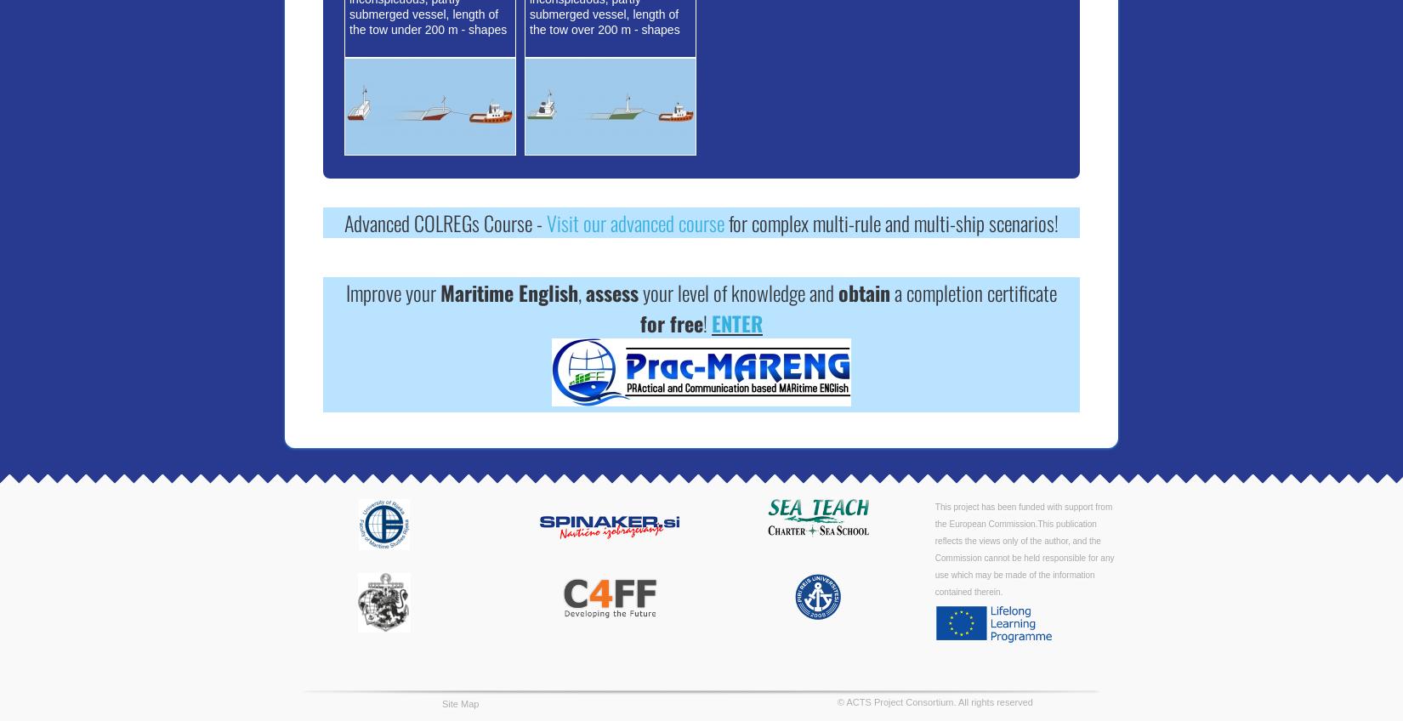 The image size is (1403, 721). I want to click on 'your level of knowledge and', so click(738, 292).